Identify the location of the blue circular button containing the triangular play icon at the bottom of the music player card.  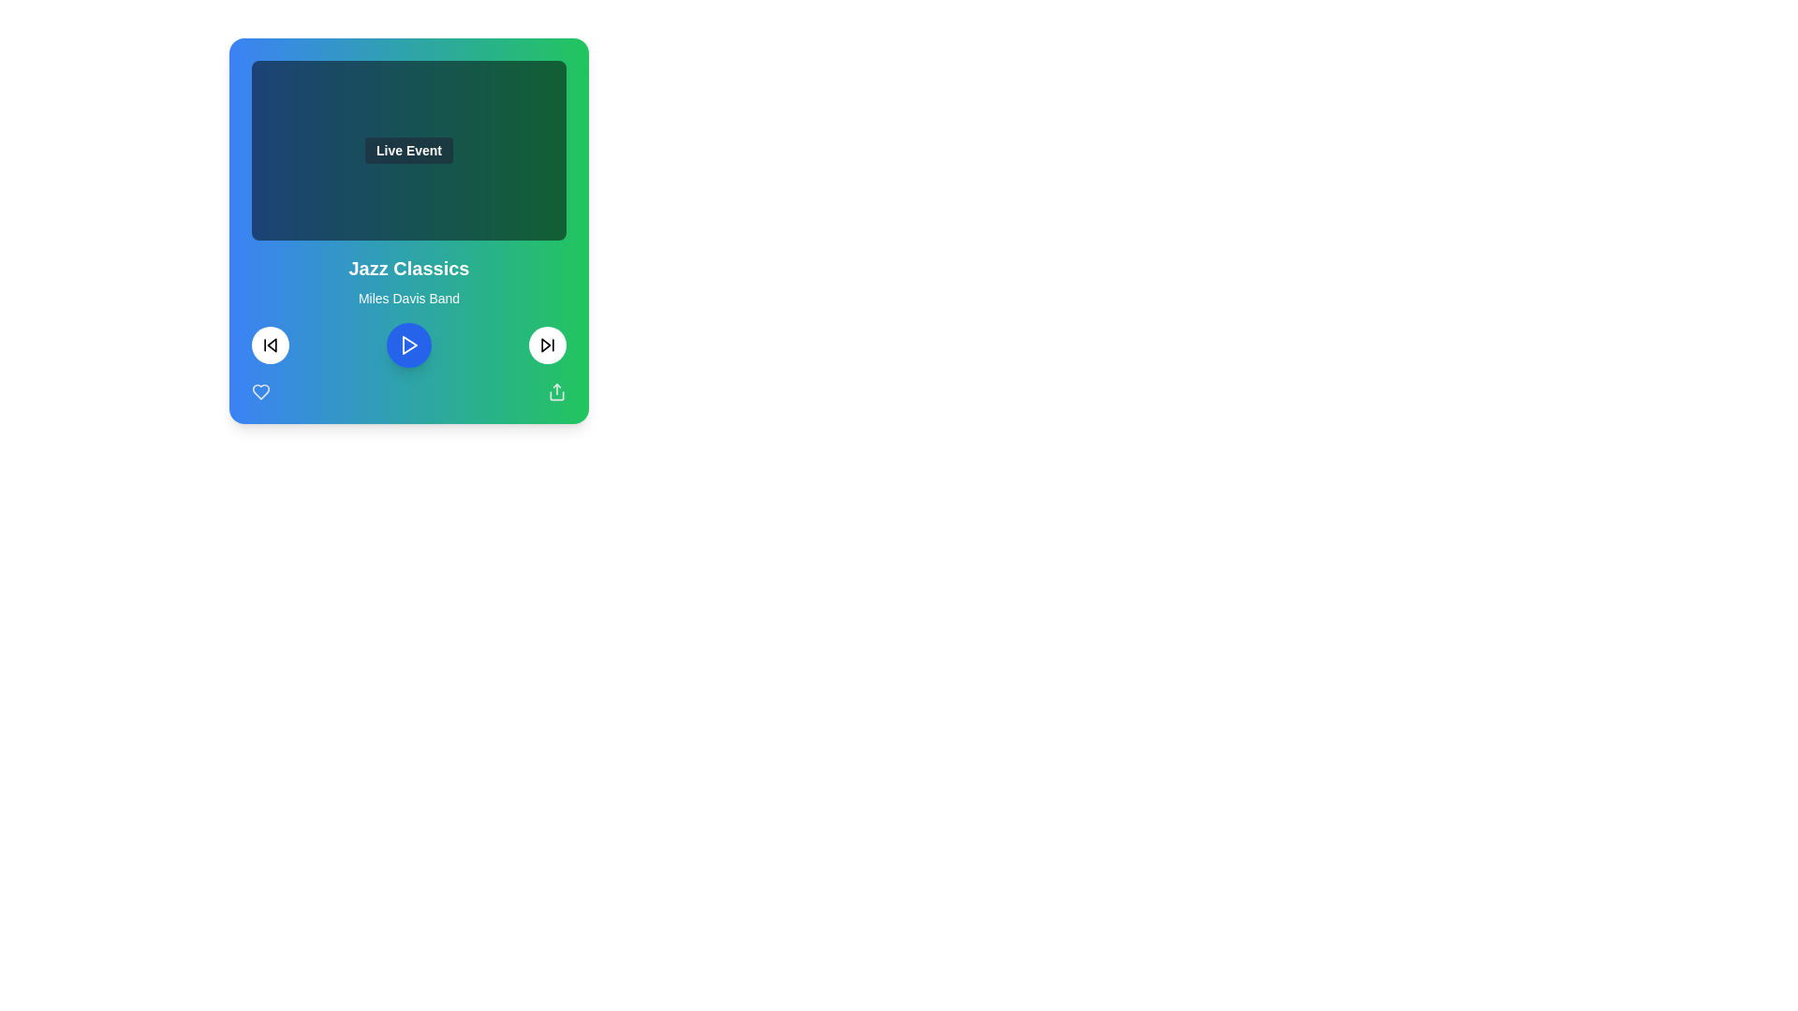
(407, 345).